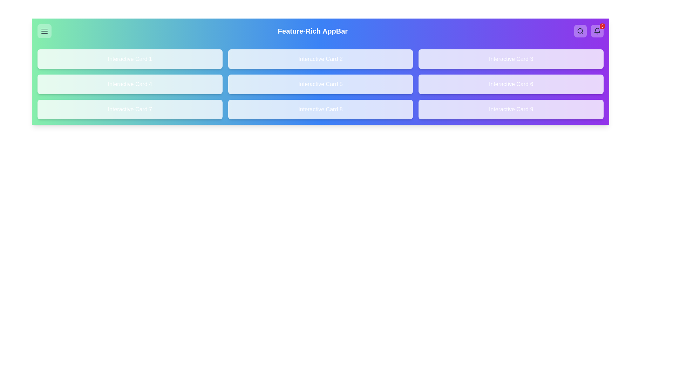 Image resolution: width=673 pixels, height=378 pixels. I want to click on the menu button to open the sidebar menu, so click(44, 30).